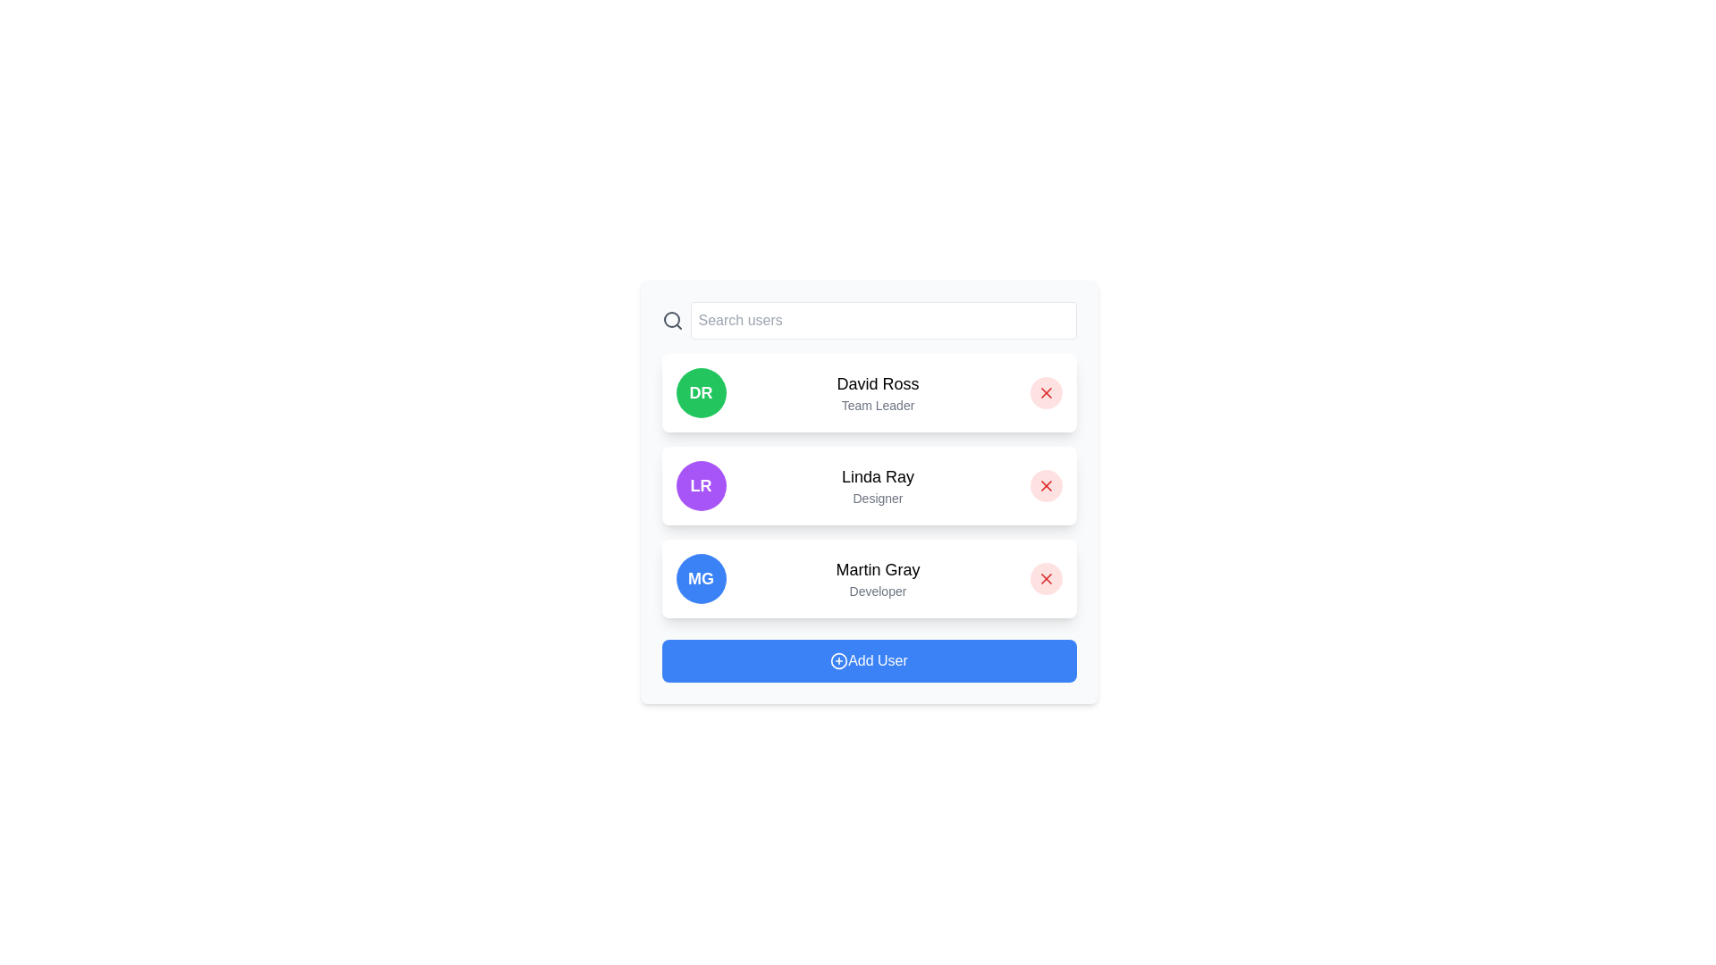  What do you see at coordinates (700, 485) in the screenshot?
I see `the circular badge representing the user 'Linda Ray', which is located beside her name and designation in the second user card of the vertical list` at bounding box center [700, 485].